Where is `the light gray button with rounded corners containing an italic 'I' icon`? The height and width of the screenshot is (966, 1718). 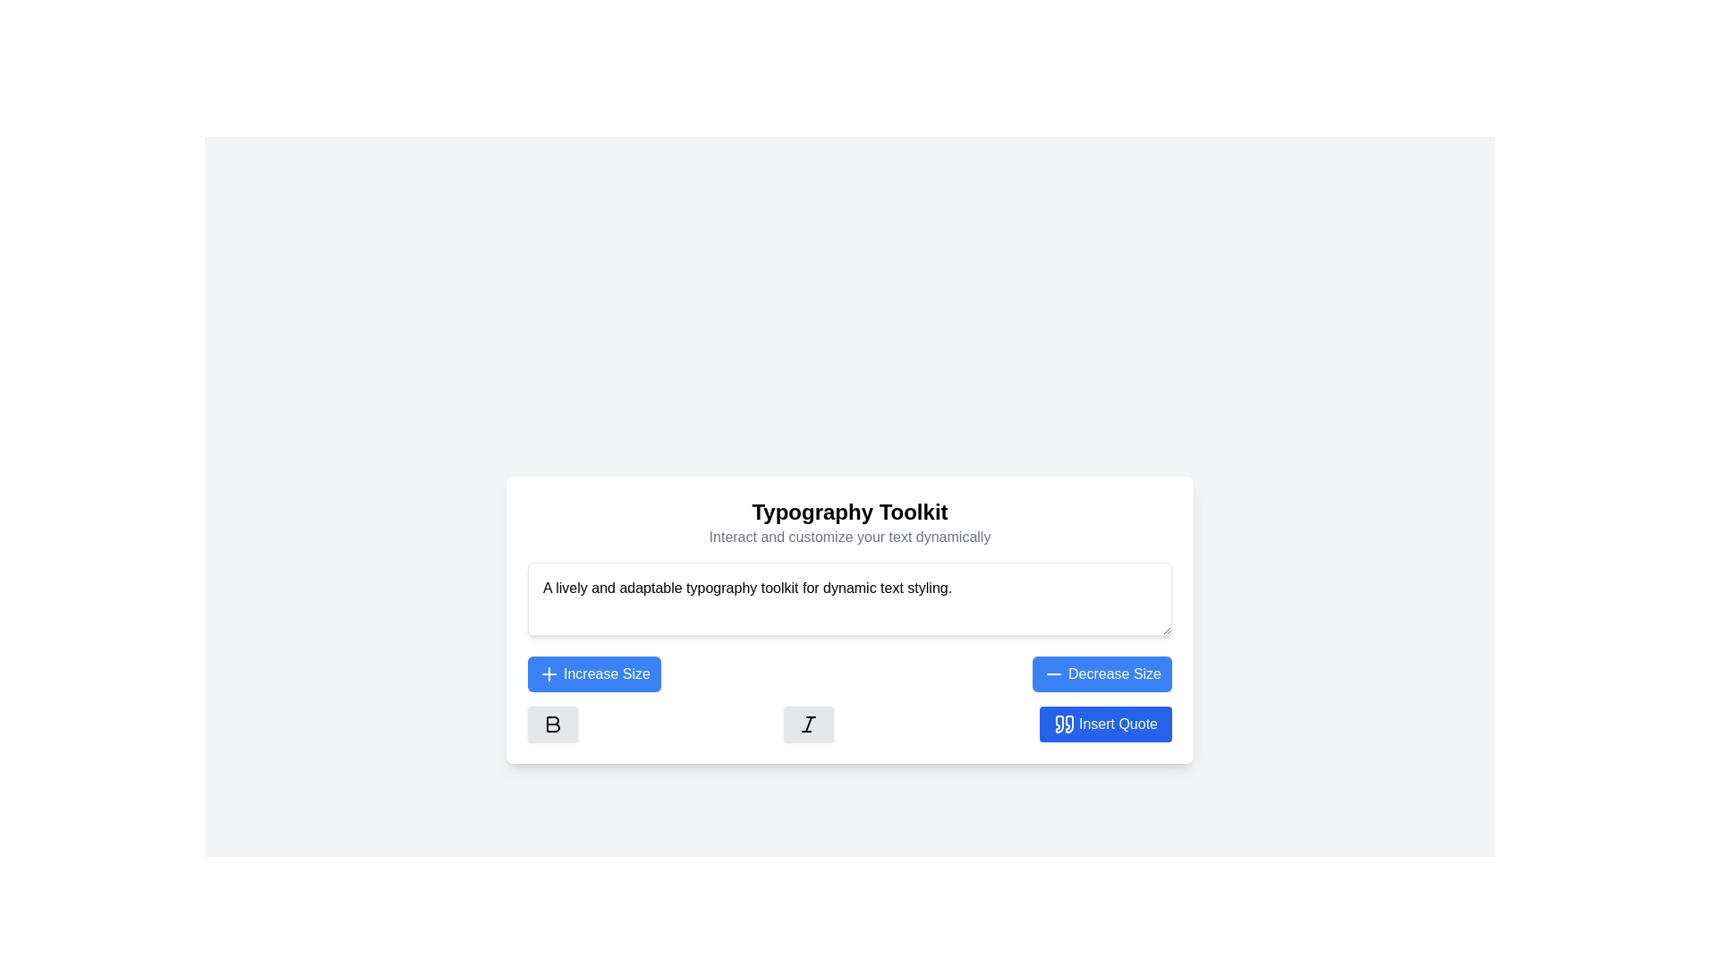
the light gray button with rounded corners containing an italic 'I' icon is located at coordinates (807, 723).